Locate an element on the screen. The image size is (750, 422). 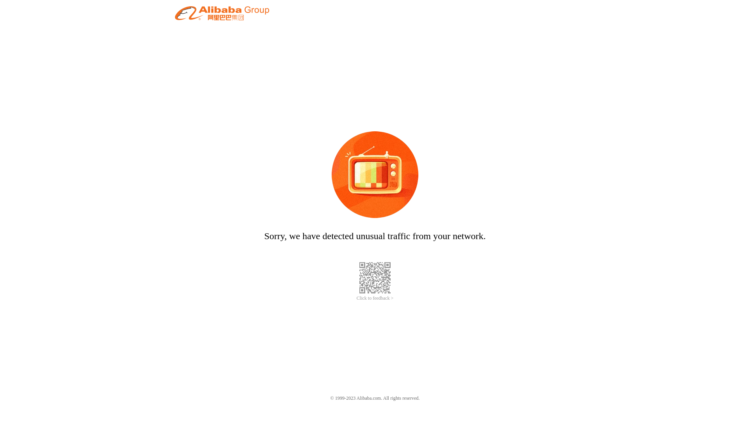
'Click to feedback >' is located at coordinates (375, 298).